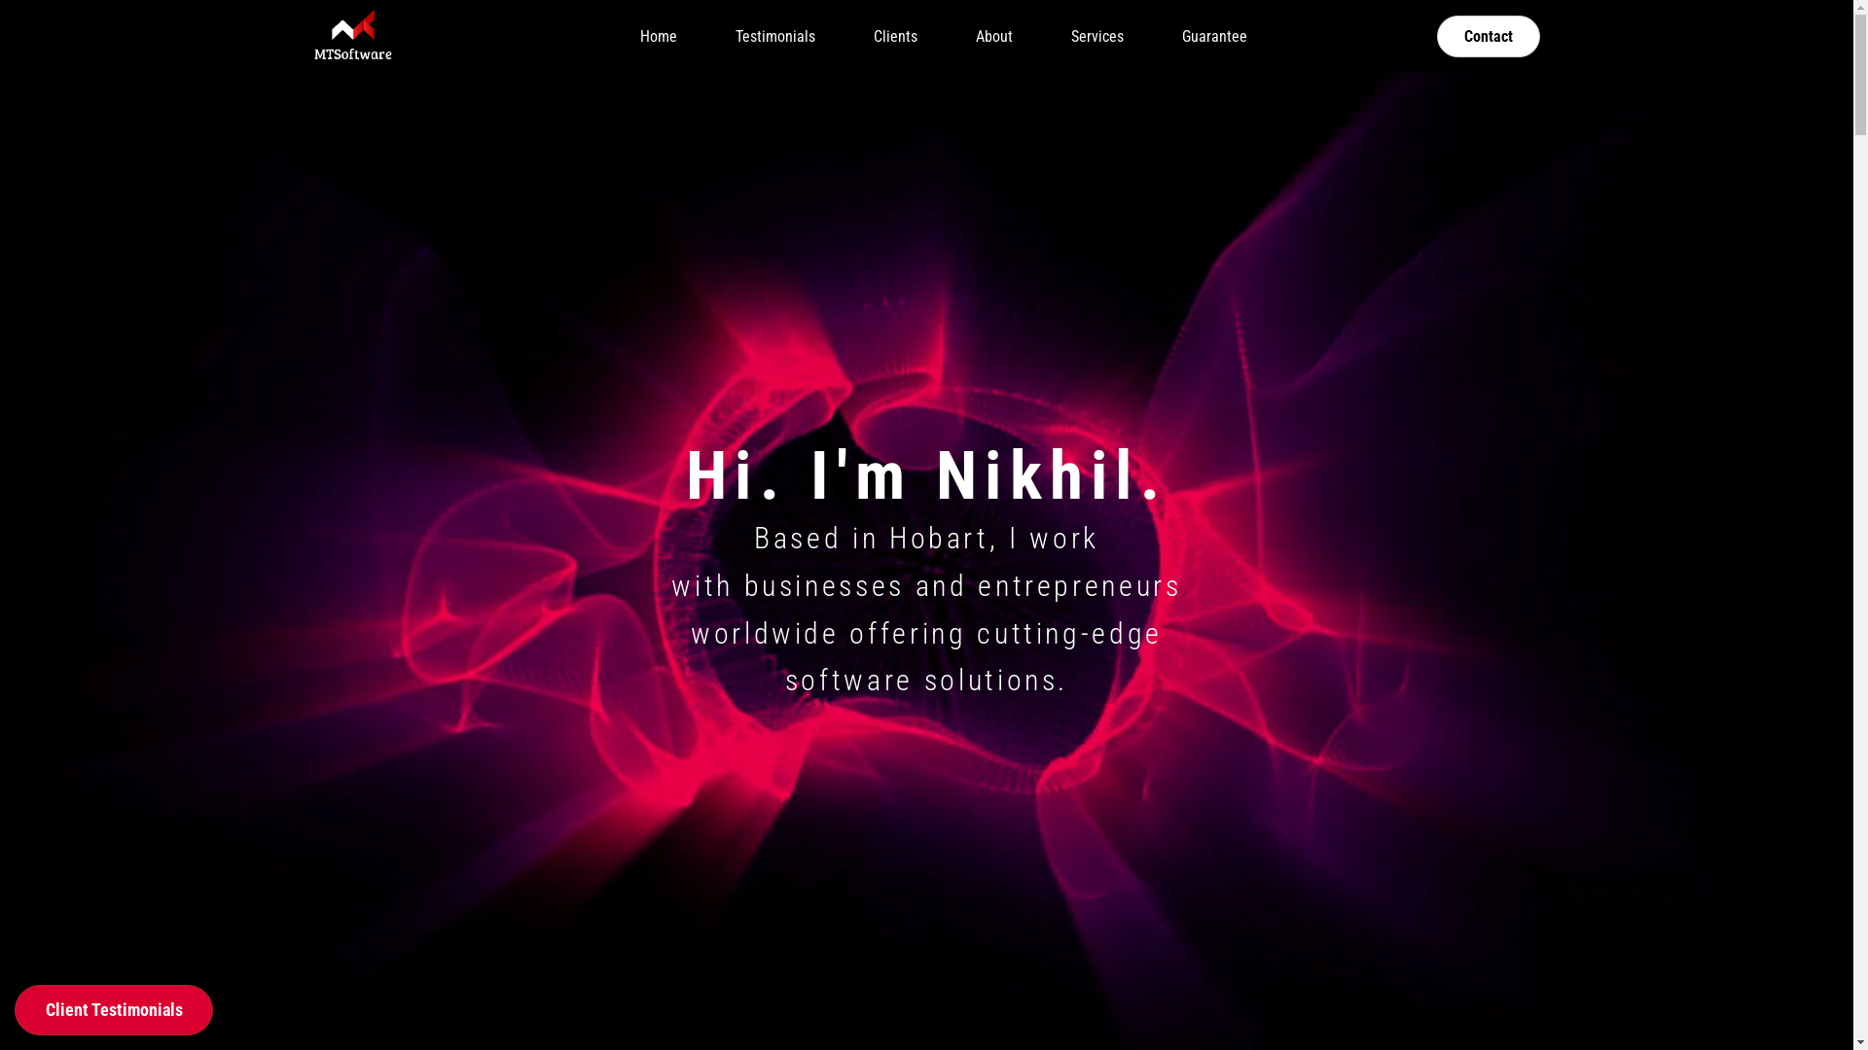 The width and height of the screenshot is (1868, 1050). I want to click on 'About', so click(993, 36).